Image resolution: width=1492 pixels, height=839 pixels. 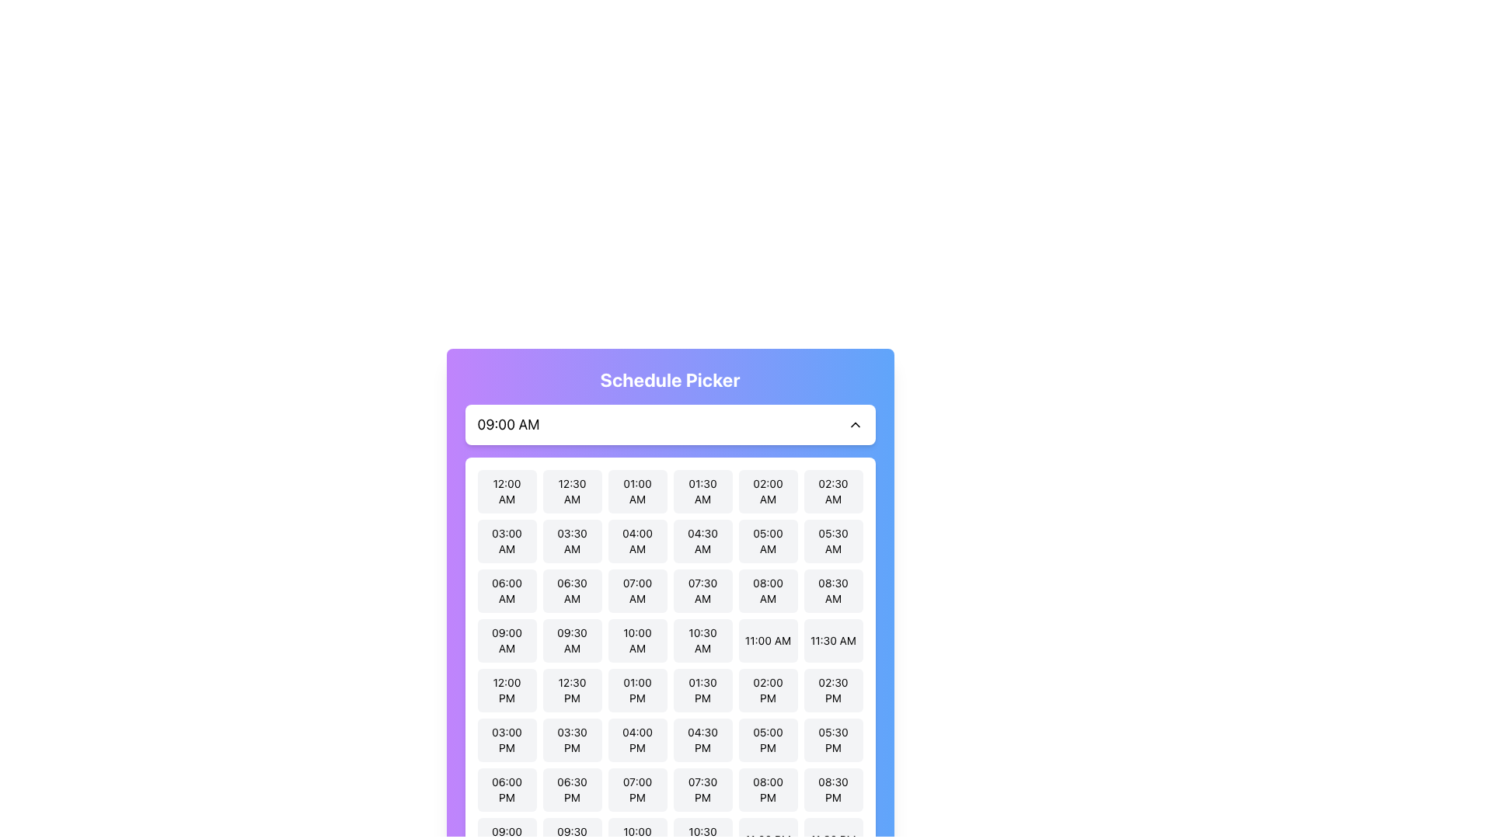 What do you see at coordinates (702, 590) in the screenshot?
I see `the rectangular button labeled '07:30 AM' with a light gray background` at bounding box center [702, 590].